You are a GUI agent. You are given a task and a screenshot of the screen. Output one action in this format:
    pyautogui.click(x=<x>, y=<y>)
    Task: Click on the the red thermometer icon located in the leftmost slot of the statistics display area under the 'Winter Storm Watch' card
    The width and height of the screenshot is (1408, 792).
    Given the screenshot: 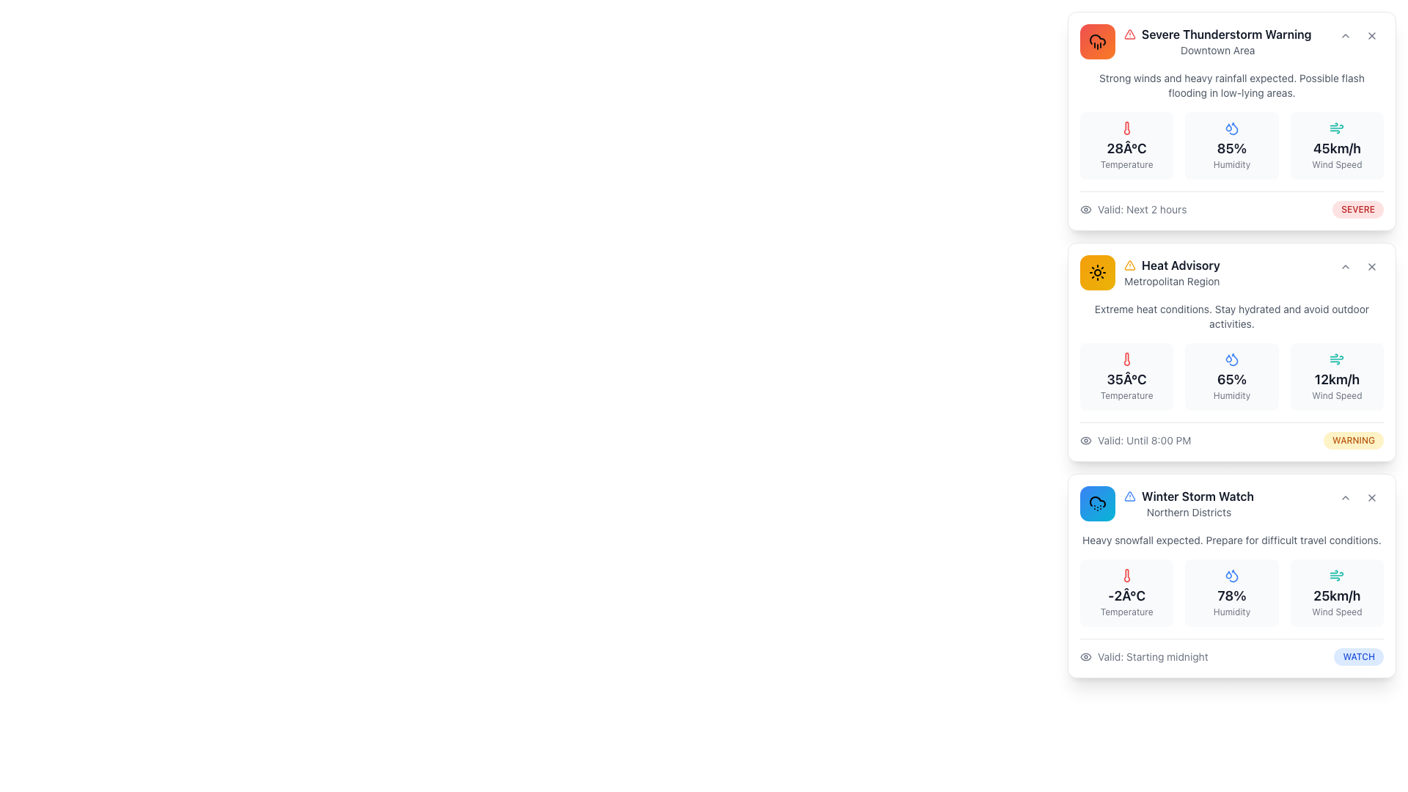 What is the action you would take?
    pyautogui.click(x=1126, y=575)
    